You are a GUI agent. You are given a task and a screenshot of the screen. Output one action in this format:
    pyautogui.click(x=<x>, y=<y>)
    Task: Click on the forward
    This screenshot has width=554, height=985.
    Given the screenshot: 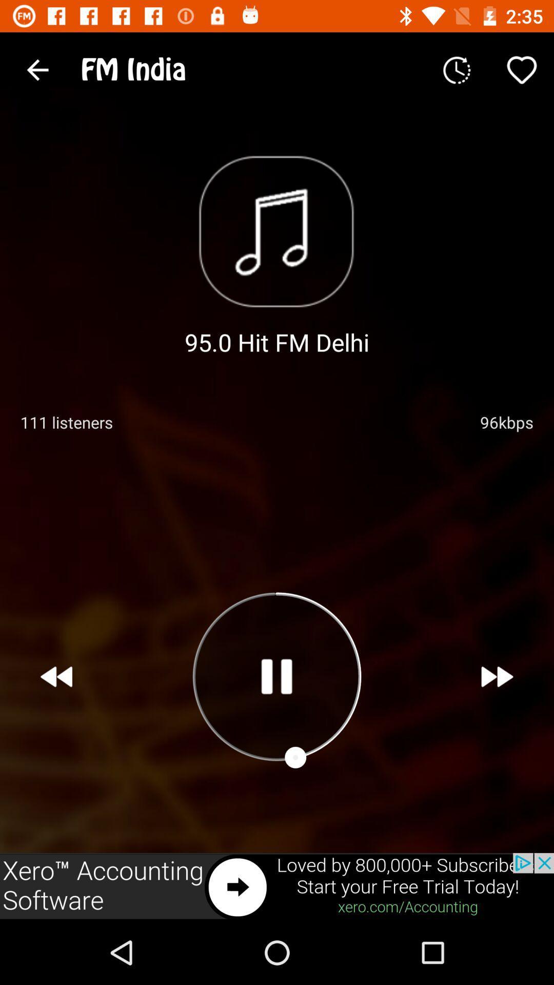 What is the action you would take?
    pyautogui.click(x=497, y=677)
    